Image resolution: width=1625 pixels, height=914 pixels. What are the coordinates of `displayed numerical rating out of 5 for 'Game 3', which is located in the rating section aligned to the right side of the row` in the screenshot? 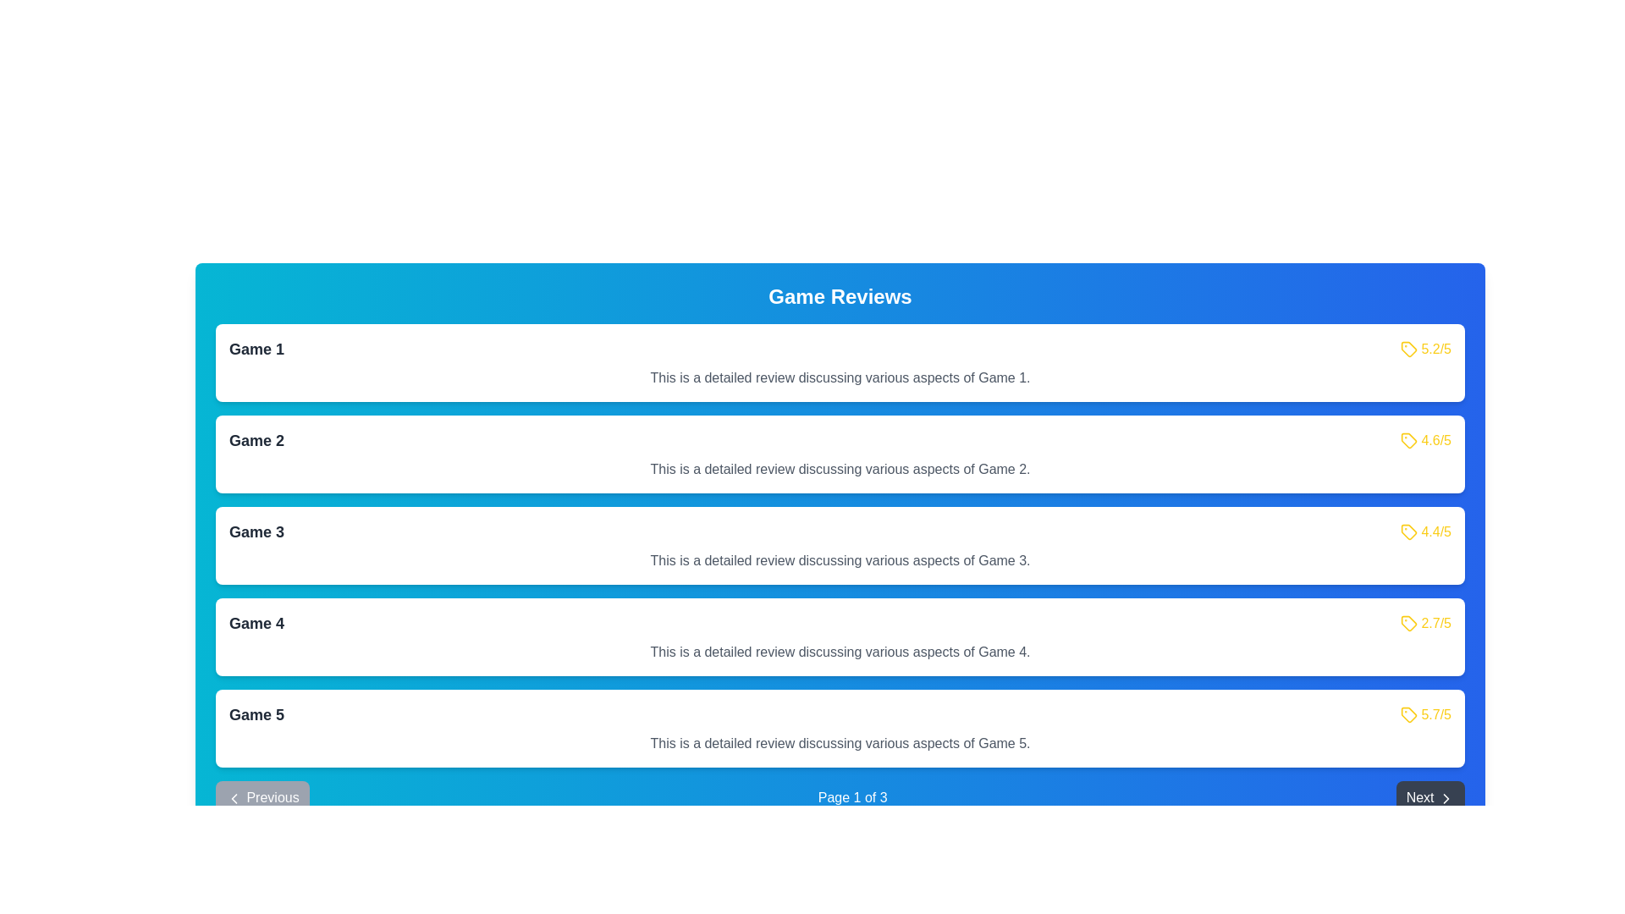 It's located at (1435, 531).